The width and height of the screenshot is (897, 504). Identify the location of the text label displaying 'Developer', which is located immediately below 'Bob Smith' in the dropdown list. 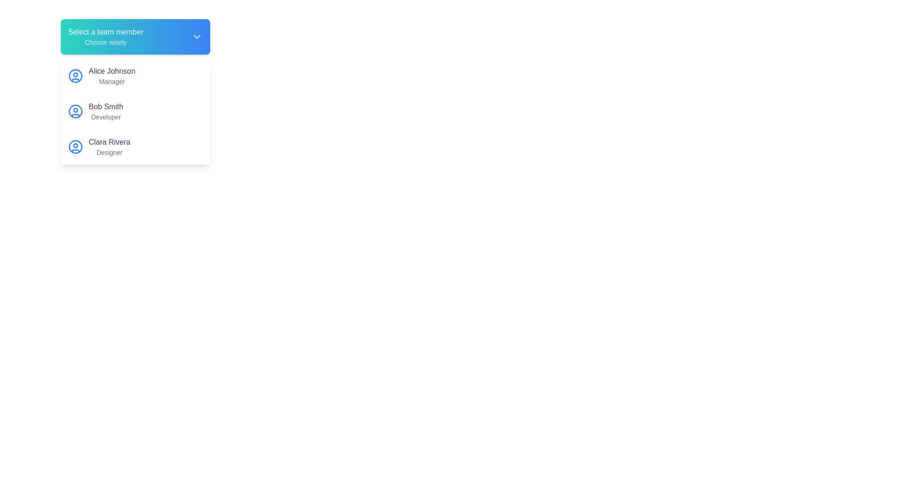
(106, 116).